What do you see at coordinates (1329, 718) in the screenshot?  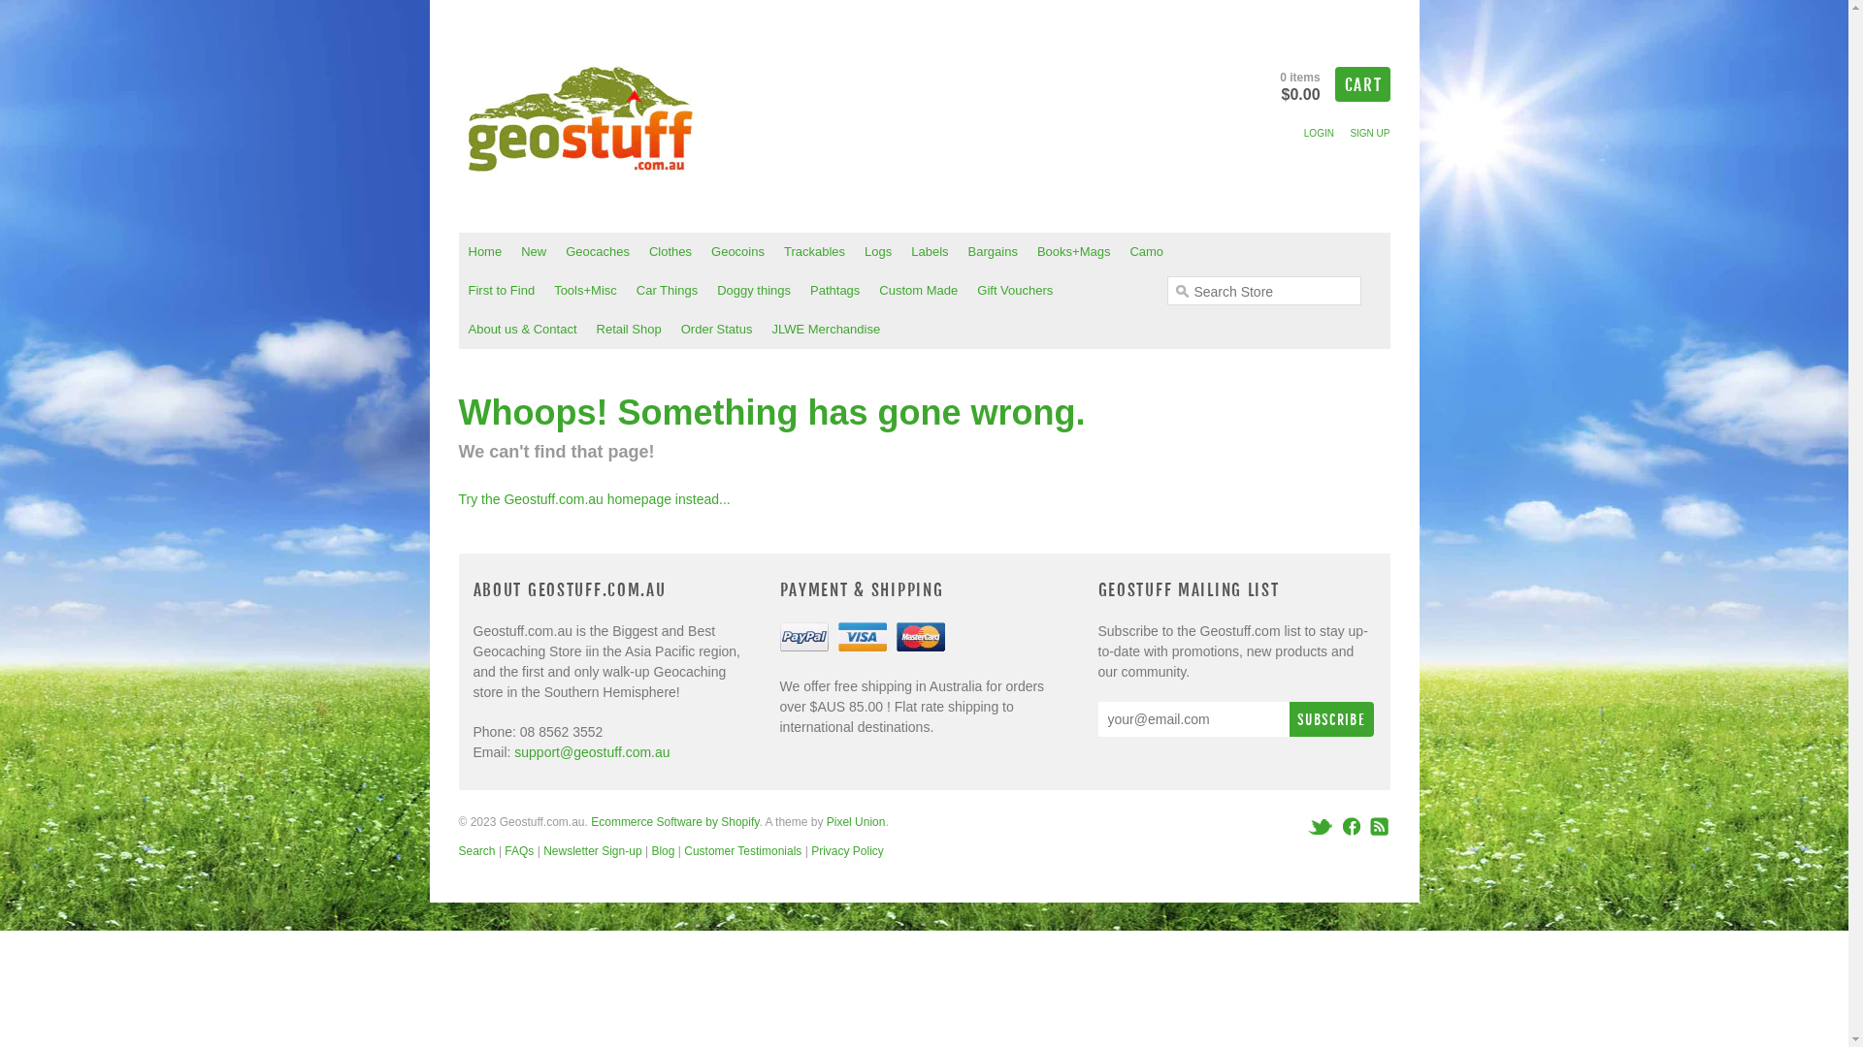 I see `'Subscribe'` at bounding box center [1329, 718].